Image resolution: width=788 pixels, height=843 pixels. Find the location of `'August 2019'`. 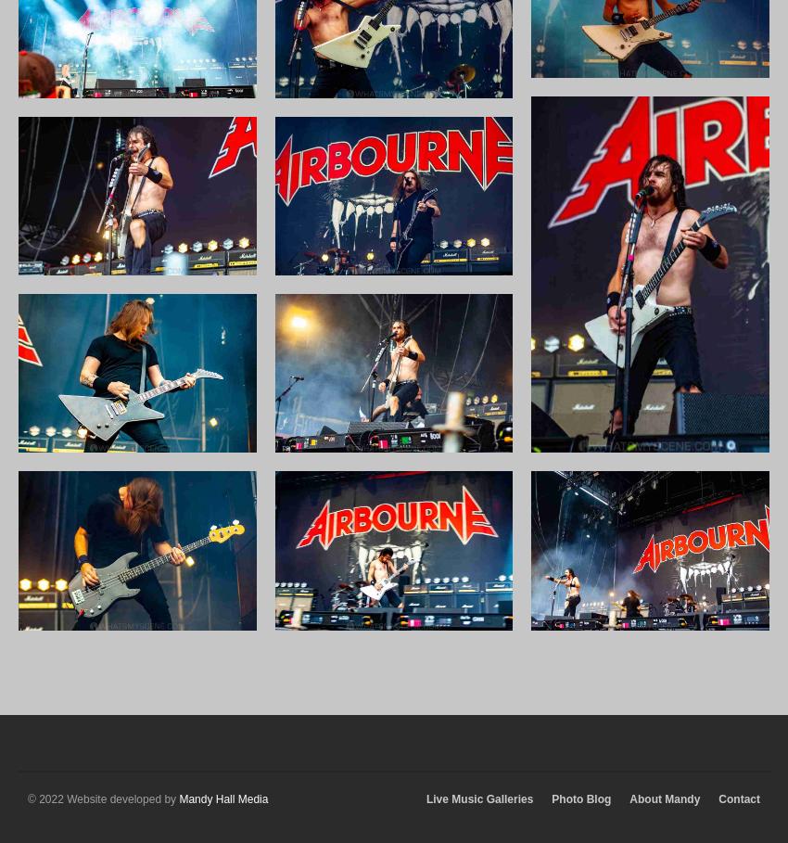

'August 2019' is located at coordinates (623, 174).